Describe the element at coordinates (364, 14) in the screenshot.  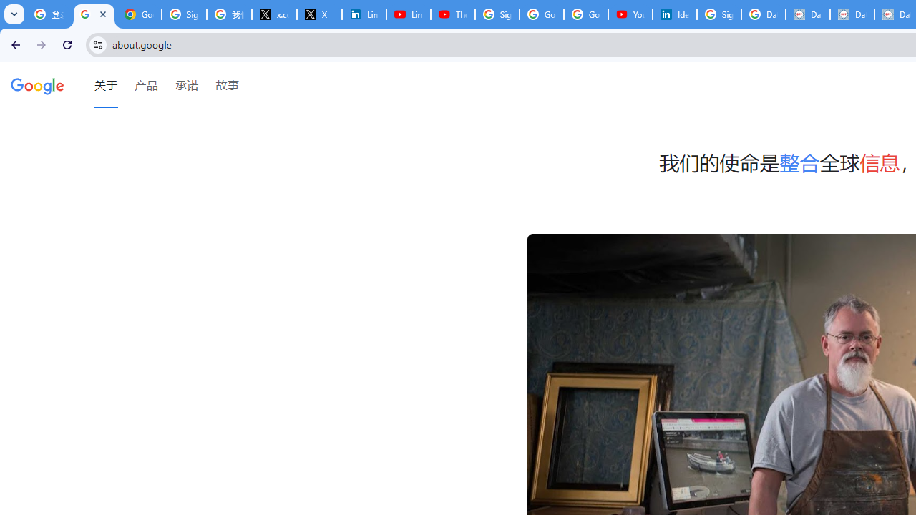
I see `'LinkedIn Privacy Policy'` at that location.